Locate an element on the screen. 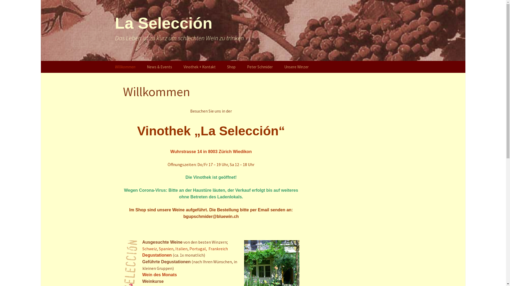 The width and height of the screenshot is (510, 286). 'Wein des Monats' is located at coordinates (159, 274).